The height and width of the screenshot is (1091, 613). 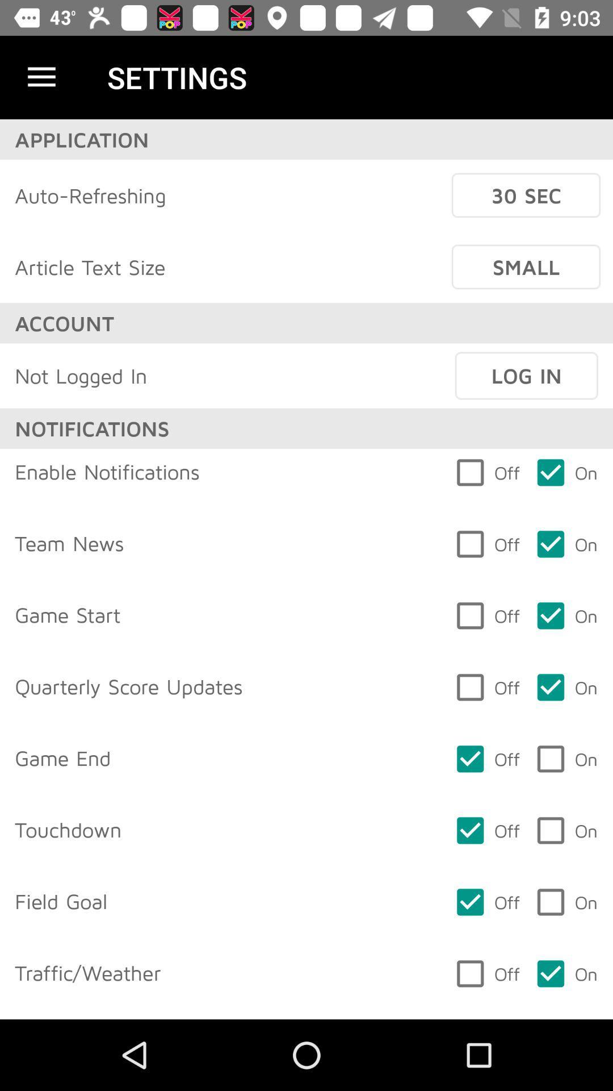 I want to click on icon to the right of not logged in item, so click(x=526, y=376).